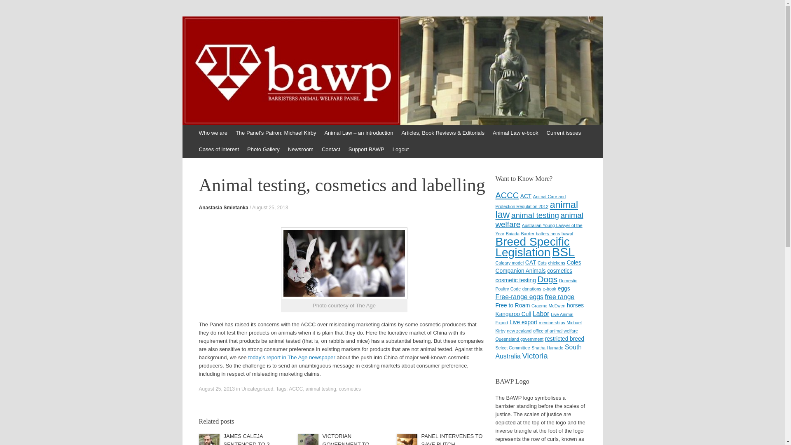  I want to click on 'Domestic Poultry Code', so click(536, 284).